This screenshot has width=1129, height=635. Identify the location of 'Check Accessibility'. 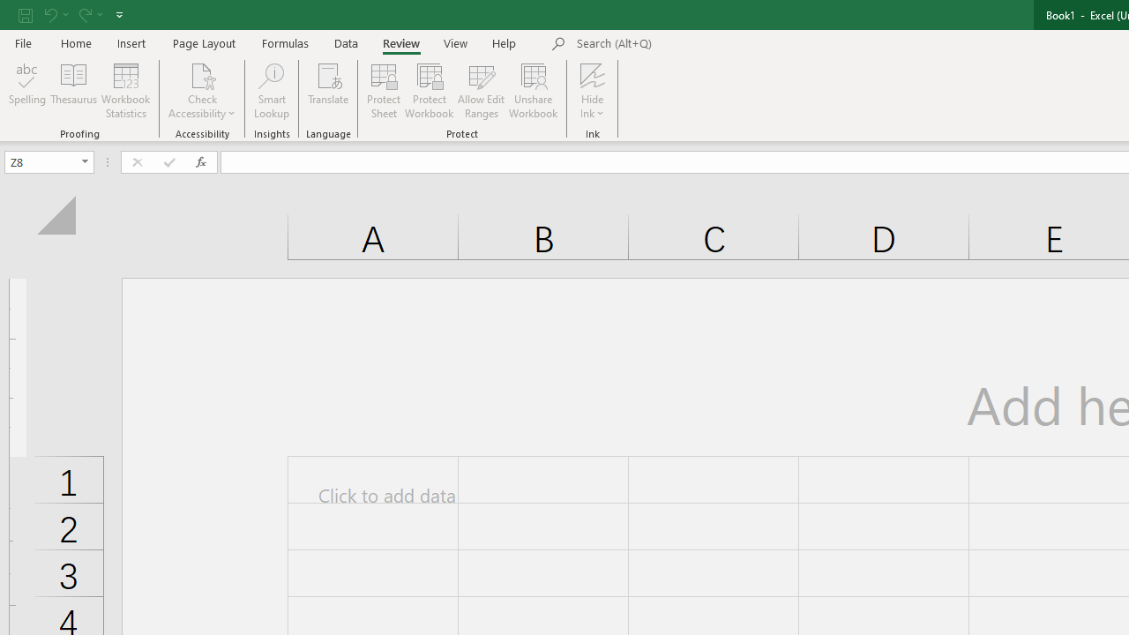
(202, 74).